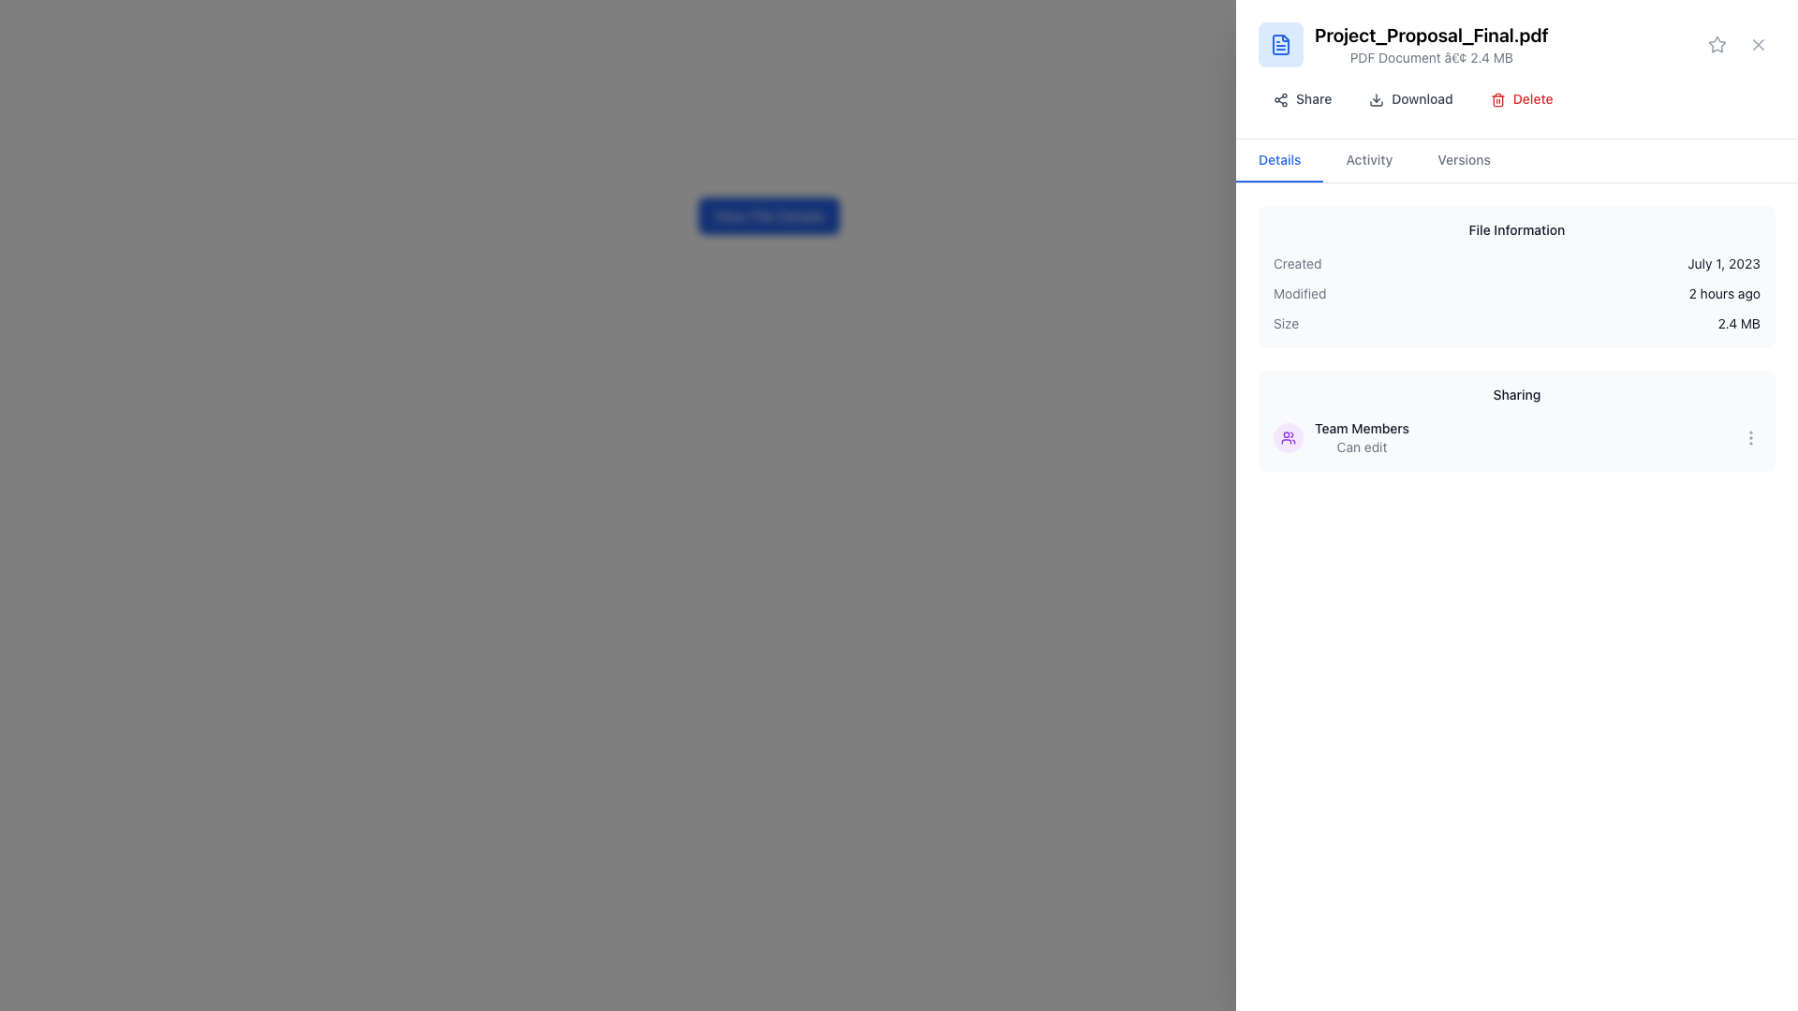 The height and width of the screenshot is (1011, 1798). What do you see at coordinates (1750, 437) in the screenshot?
I see `the menu trigger icon/button for 'Team Members' sharing permissions located at the far right of the 'Team Members Can edit' row` at bounding box center [1750, 437].